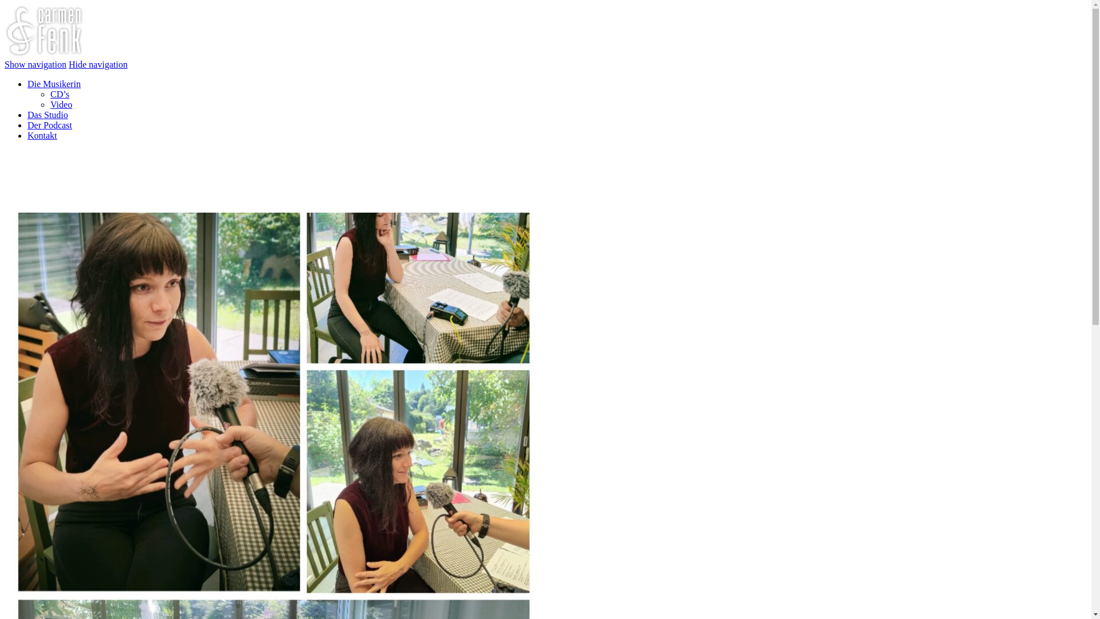 This screenshot has width=1100, height=619. Describe the element at coordinates (42, 135) in the screenshot. I see `'Kontakt'` at that location.